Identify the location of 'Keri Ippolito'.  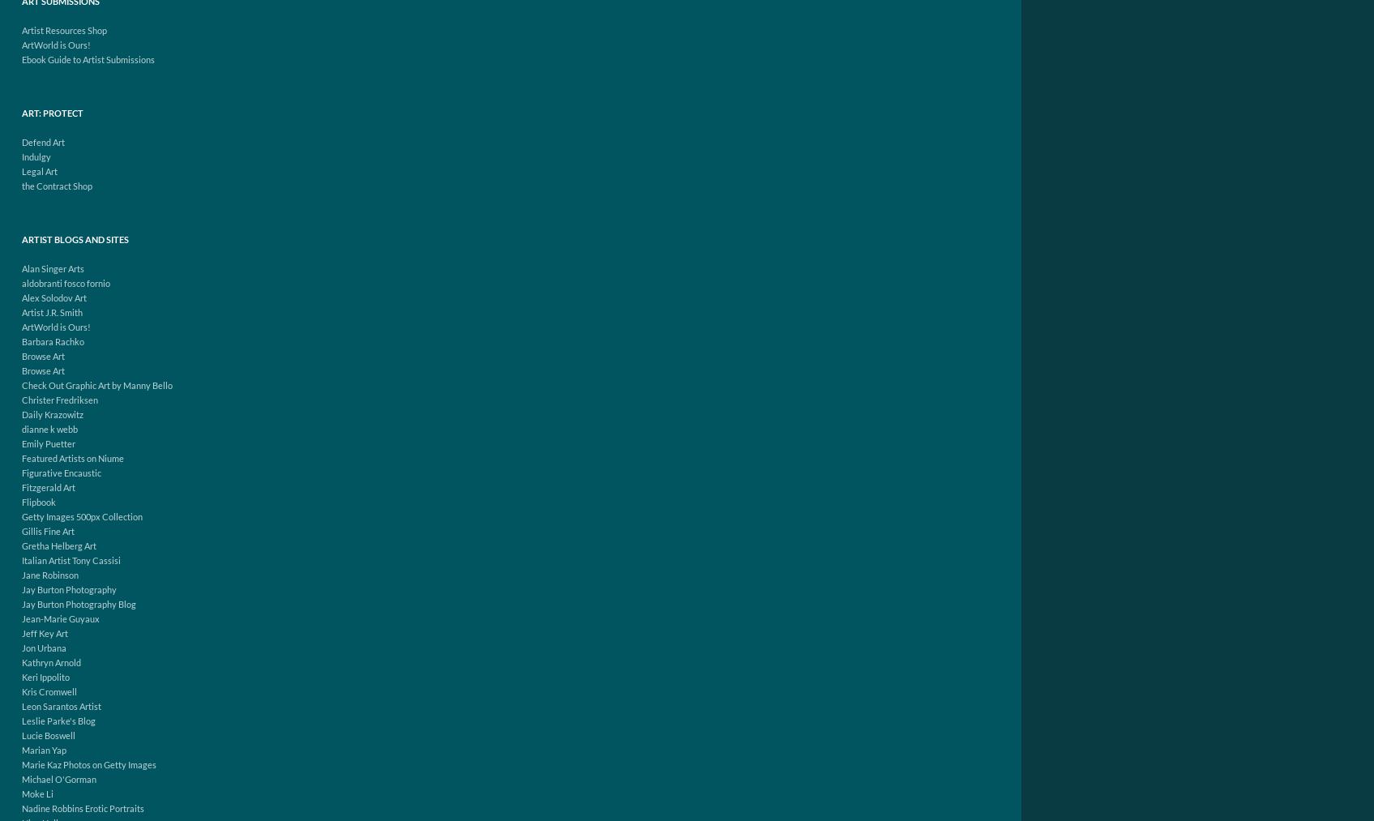
(45, 676).